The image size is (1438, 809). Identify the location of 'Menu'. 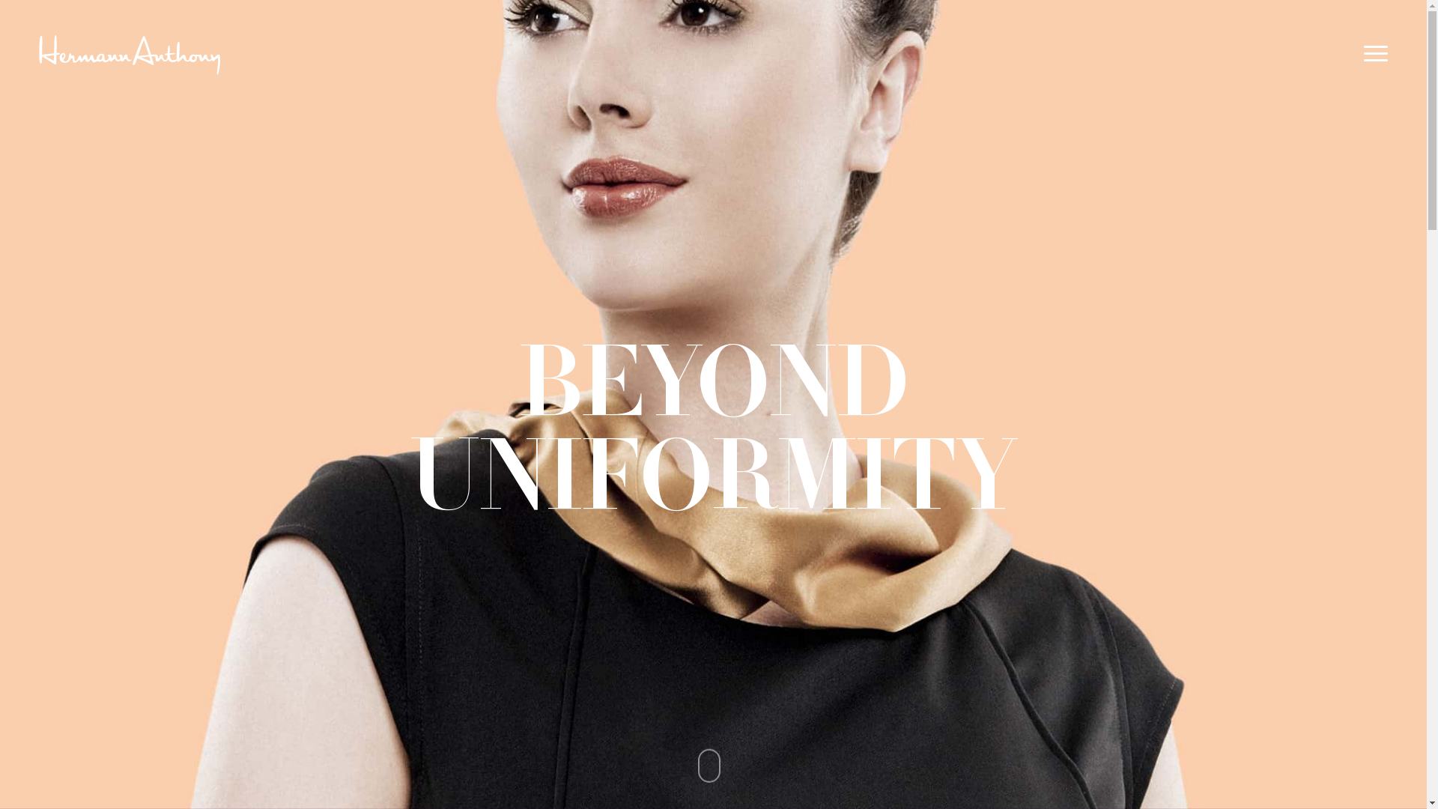
(1377, 53).